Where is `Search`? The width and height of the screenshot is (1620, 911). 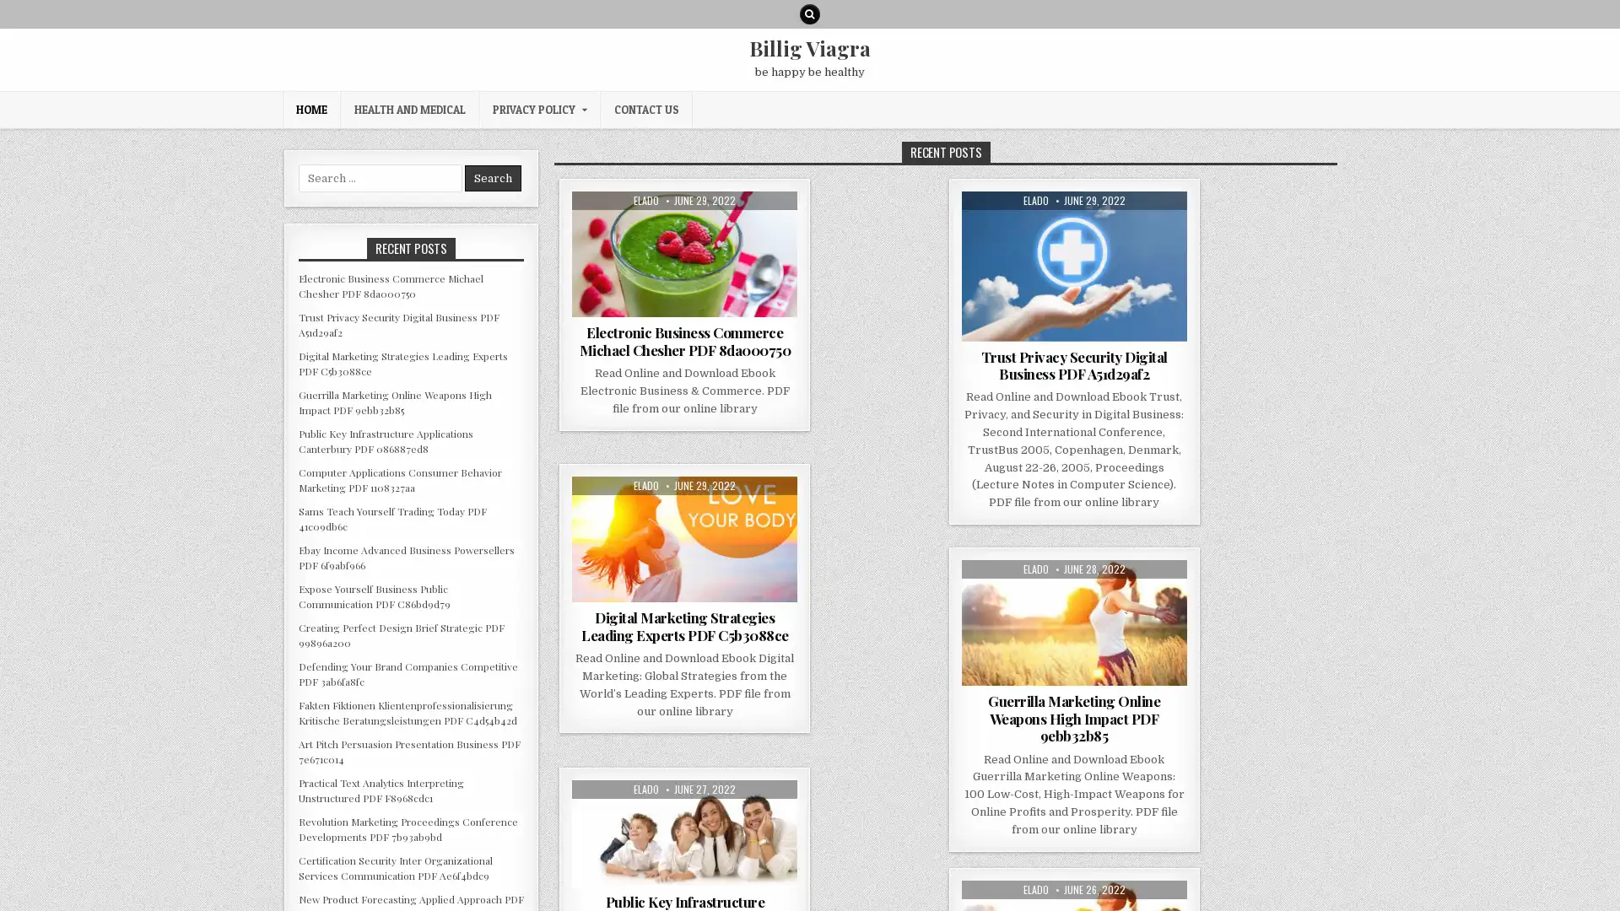
Search is located at coordinates (492, 178).